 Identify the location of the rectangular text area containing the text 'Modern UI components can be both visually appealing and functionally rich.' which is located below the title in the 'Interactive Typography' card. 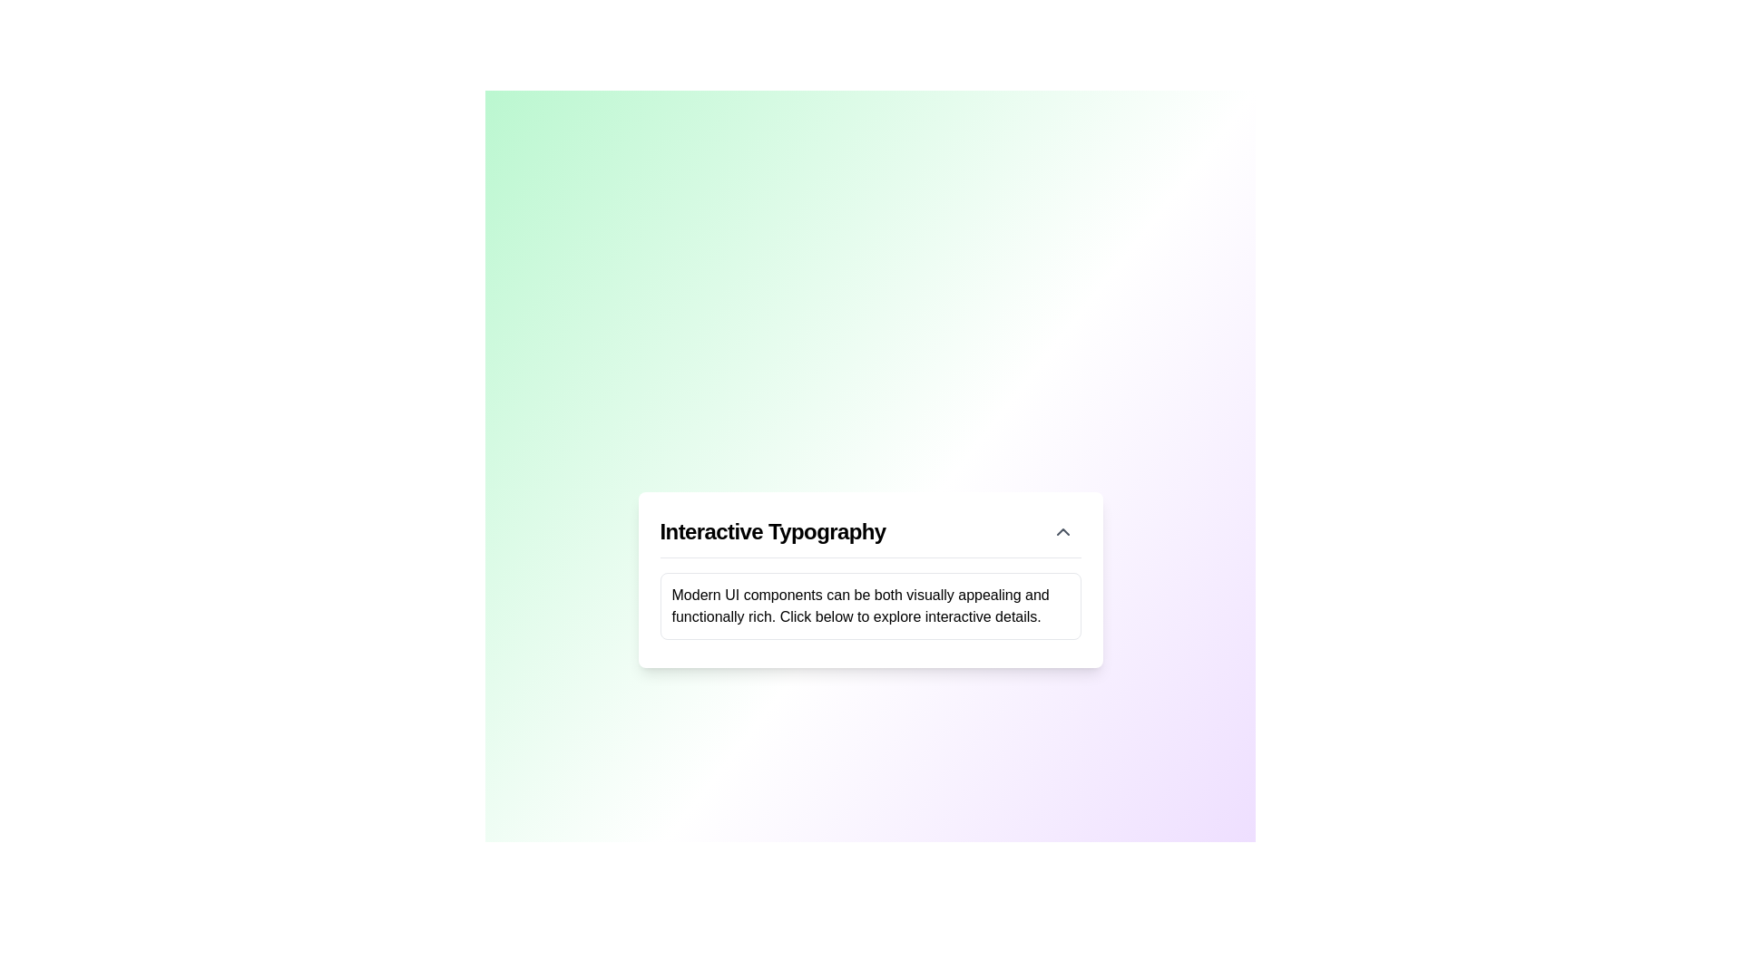
(869, 606).